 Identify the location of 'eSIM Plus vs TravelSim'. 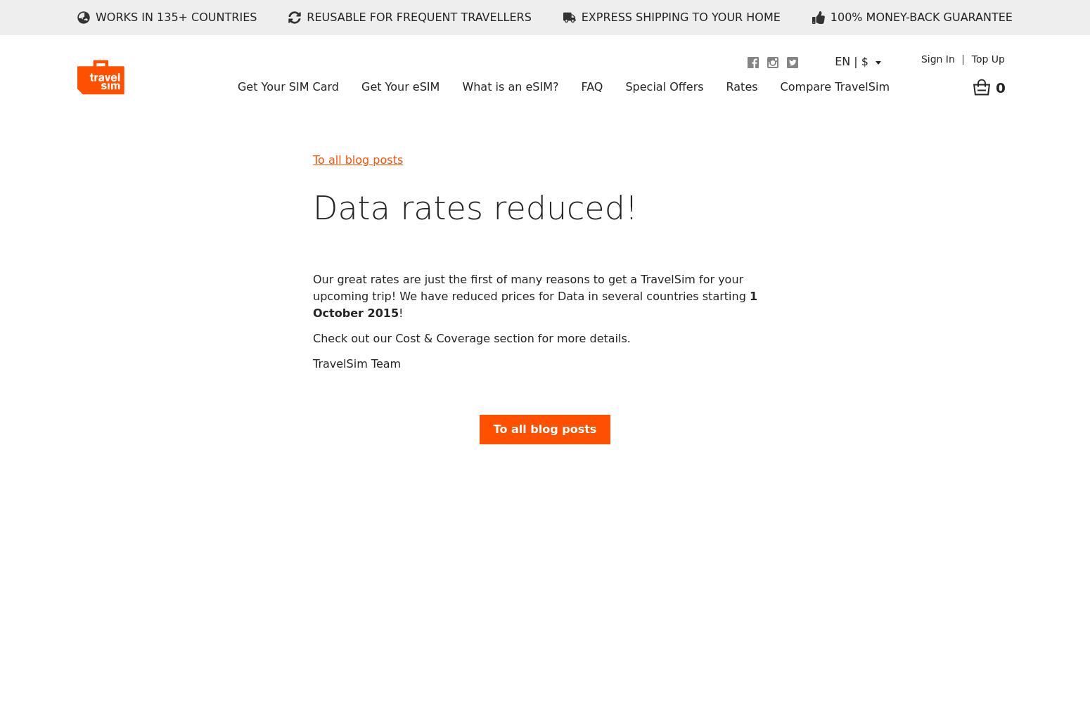
(854, 167).